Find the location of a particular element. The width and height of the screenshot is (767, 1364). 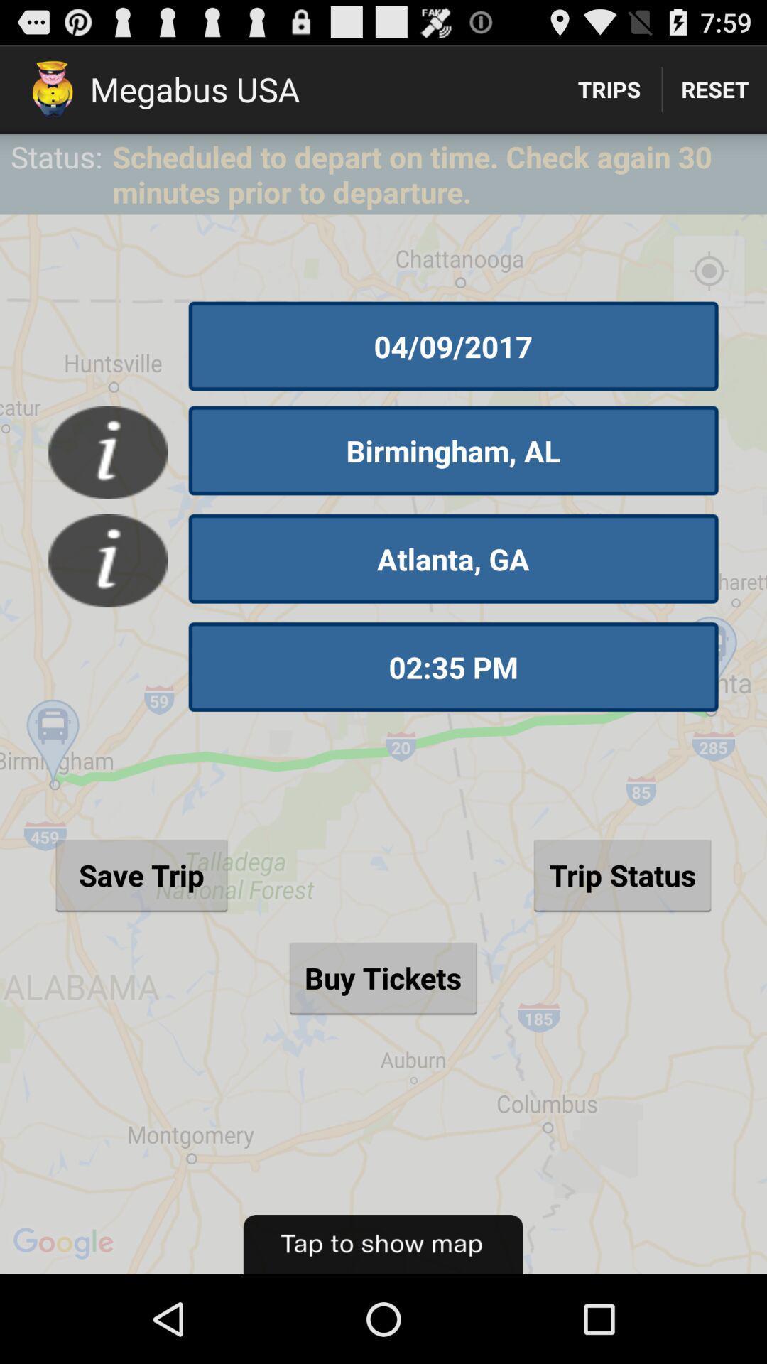

the item above 02:35 pm is located at coordinates (453, 558).